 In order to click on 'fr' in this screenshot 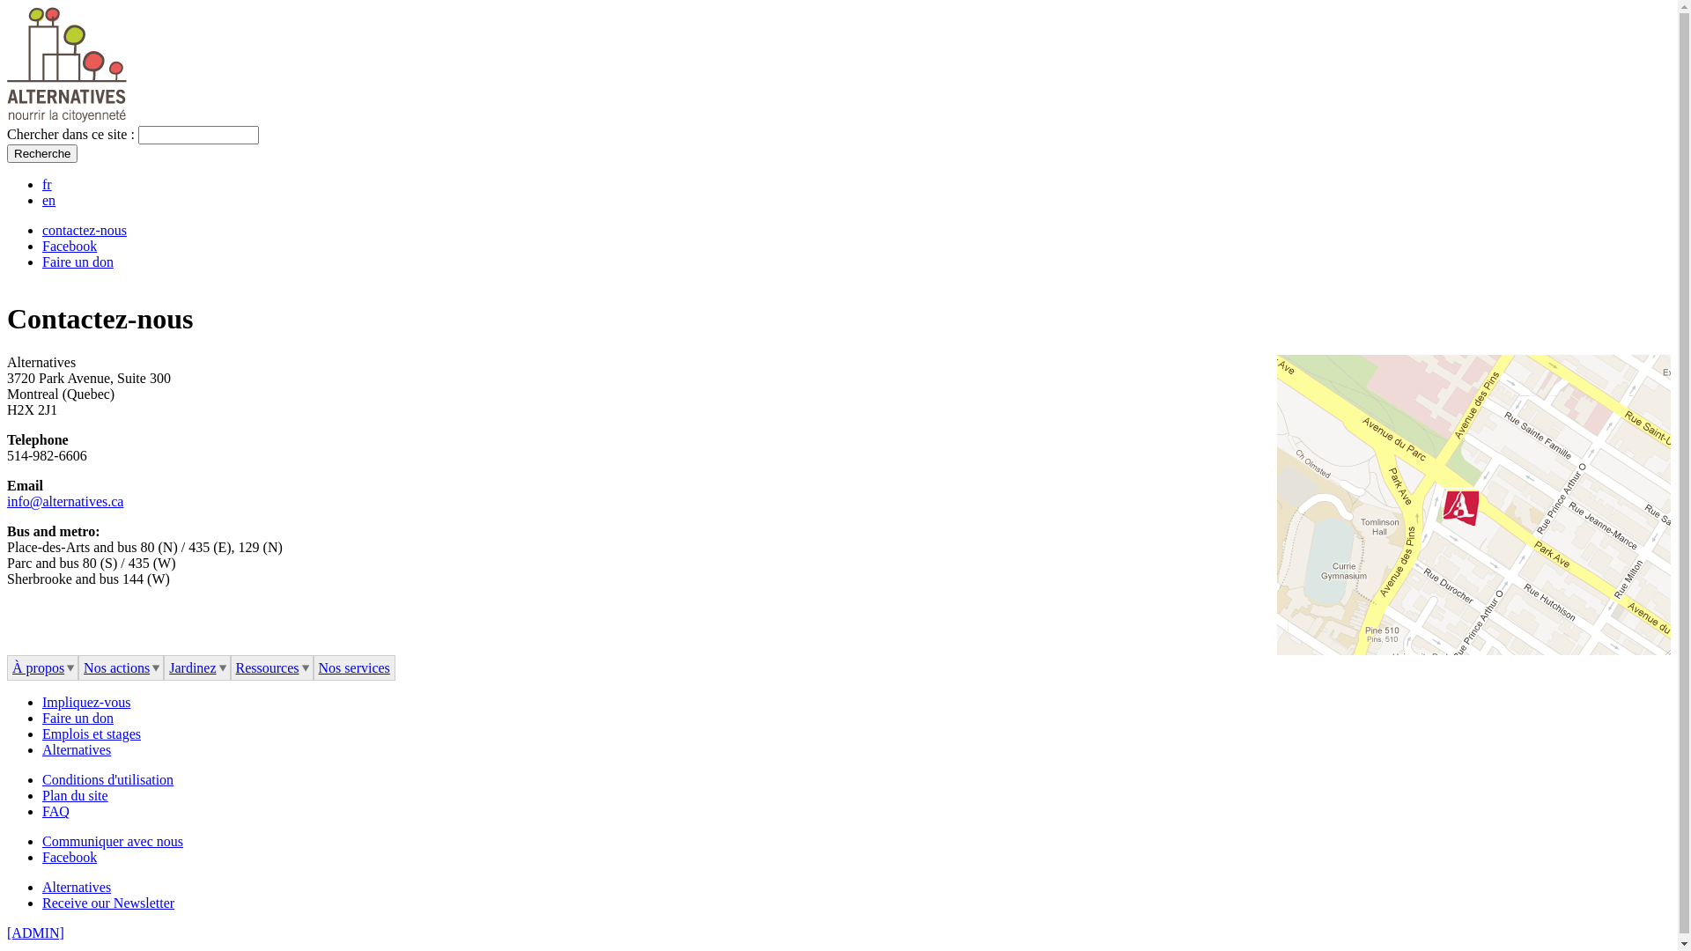, I will do `click(47, 184)`.